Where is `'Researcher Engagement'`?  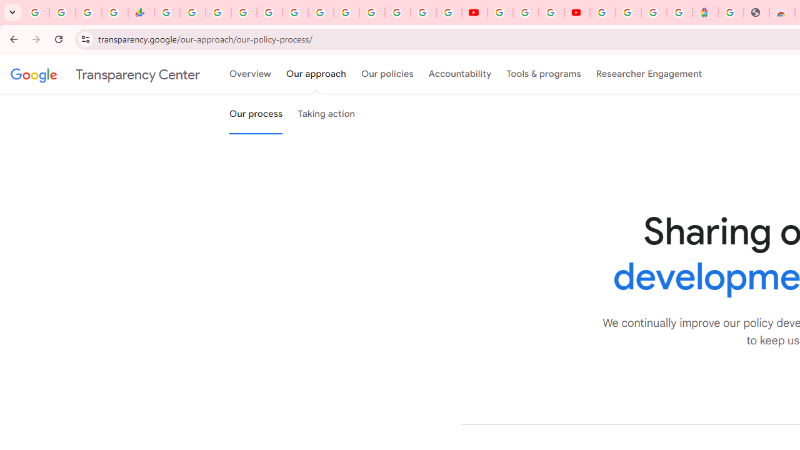 'Researcher Engagement' is located at coordinates (649, 74).